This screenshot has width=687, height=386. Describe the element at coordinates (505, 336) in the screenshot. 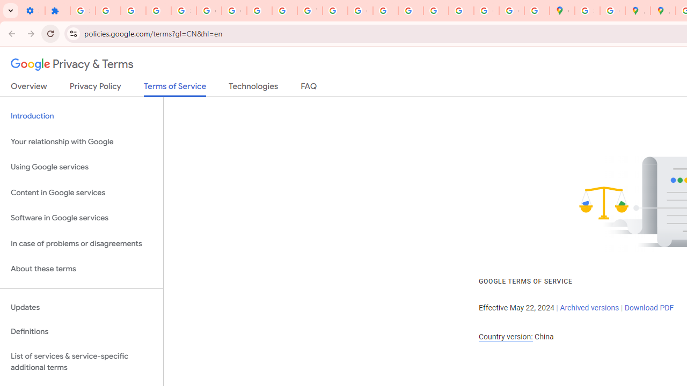

I see `'Country version:'` at that location.